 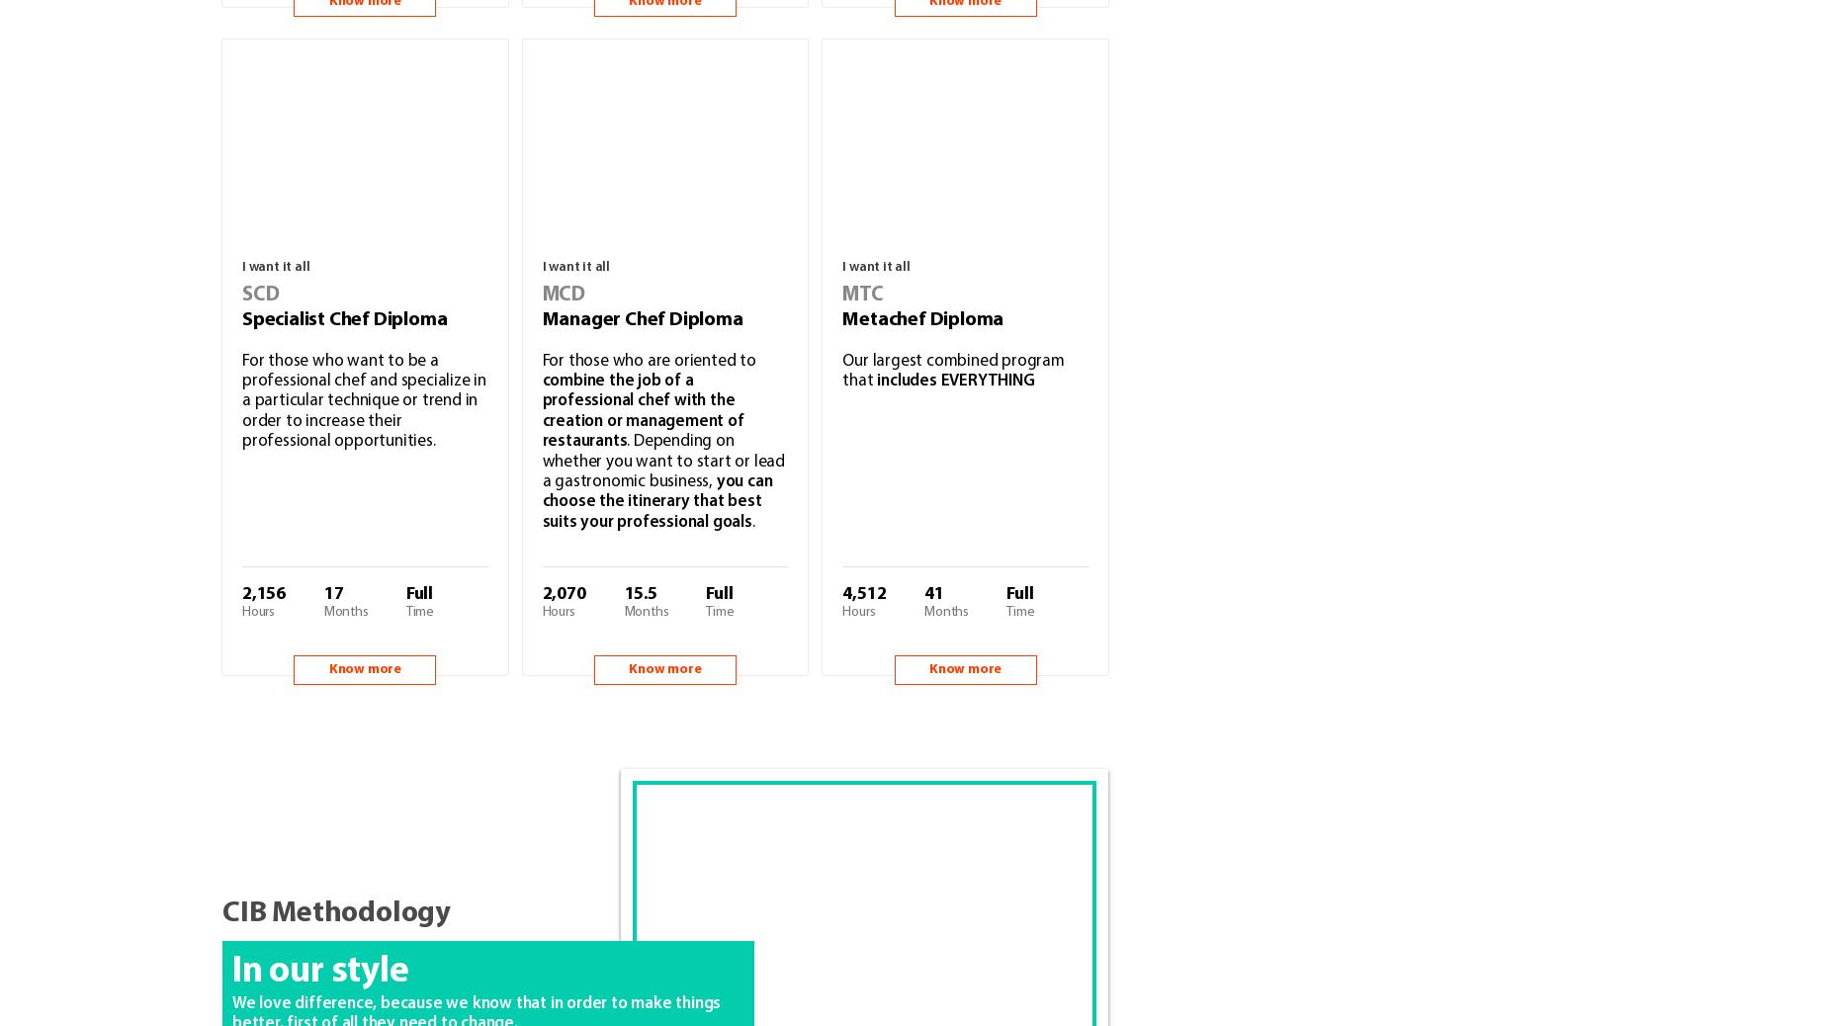 What do you see at coordinates (259, 294) in the screenshot?
I see `'SCD'` at bounding box center [259, 294].